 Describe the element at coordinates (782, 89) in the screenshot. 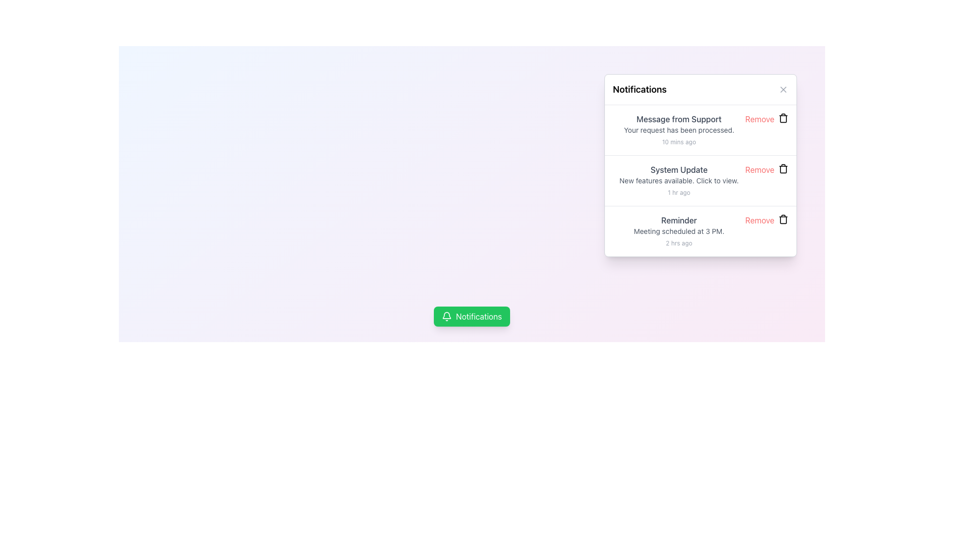

I see `the small gray 'X' icon button located at the top-right corner of the 'Notifications' panel` at that location.